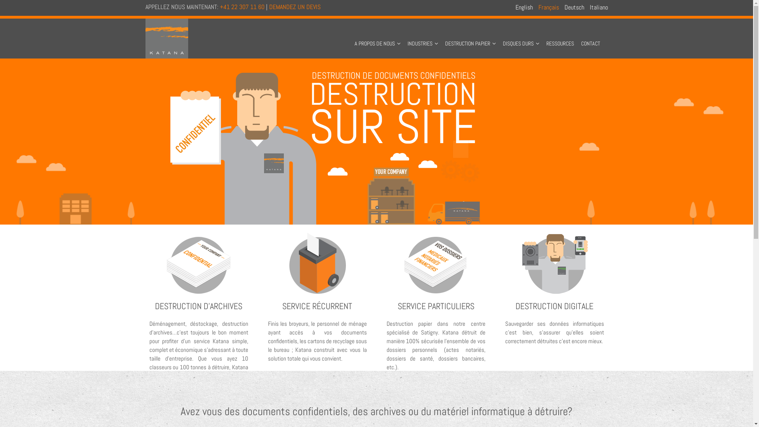  What do you see at coordinates (524, 7) in the screenshot?
I see `'English'` at bounding box center [524, 7].